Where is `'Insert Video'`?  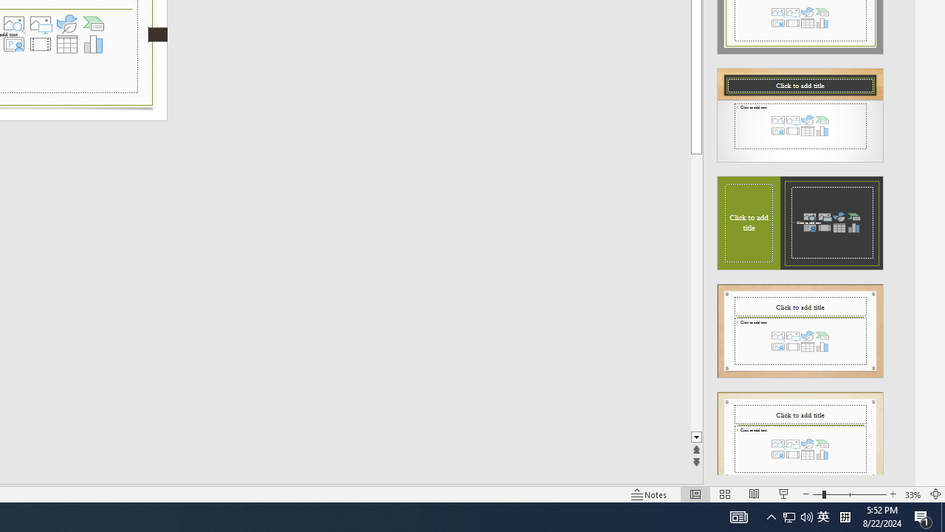
'Insert Video' is located at coordinates (40, 44).